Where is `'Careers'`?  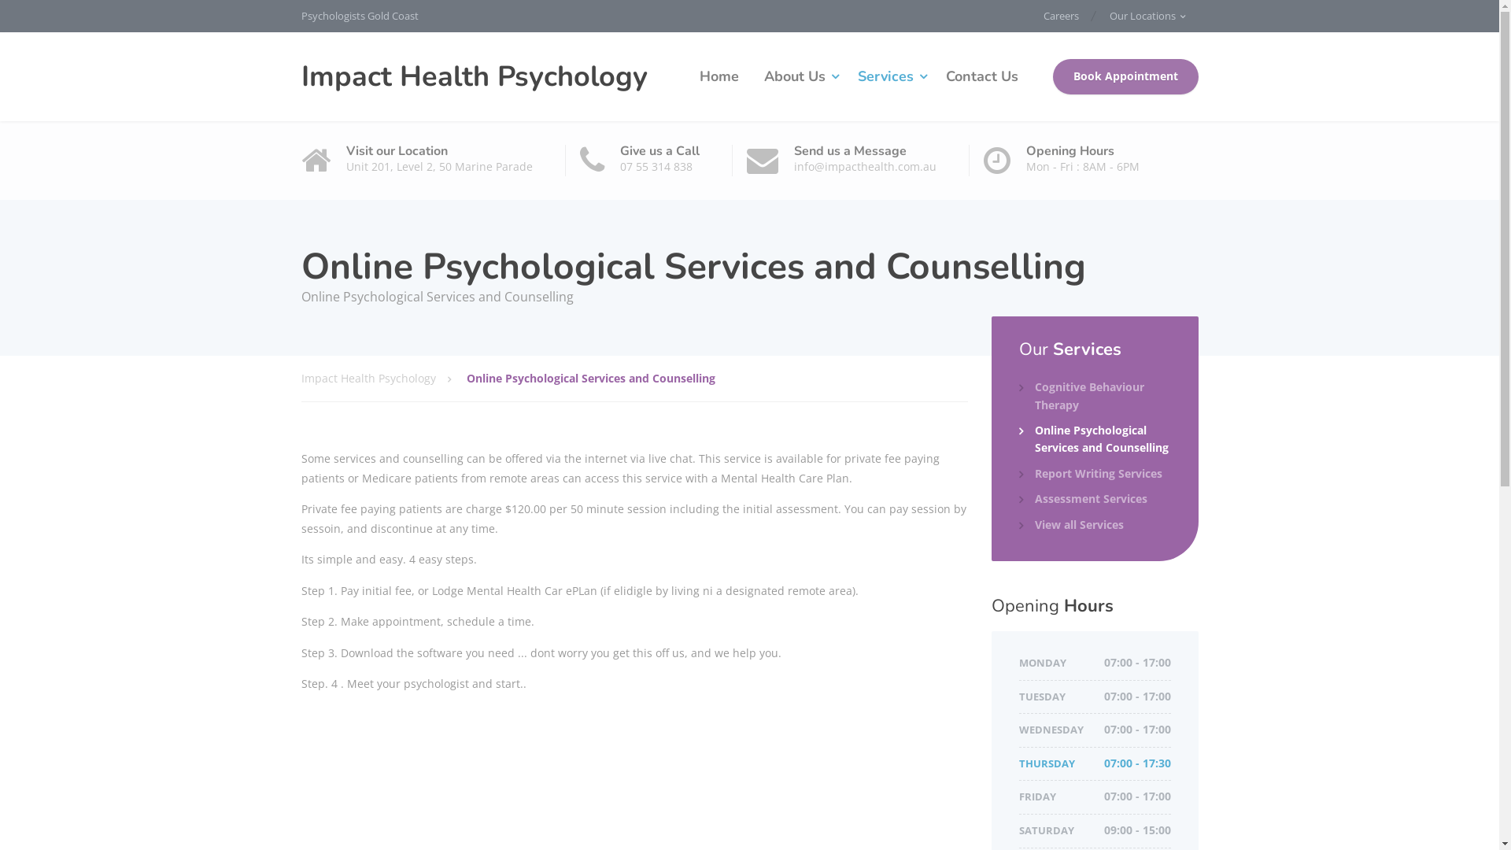 'Careers' is located at coordinates (1069, 16).